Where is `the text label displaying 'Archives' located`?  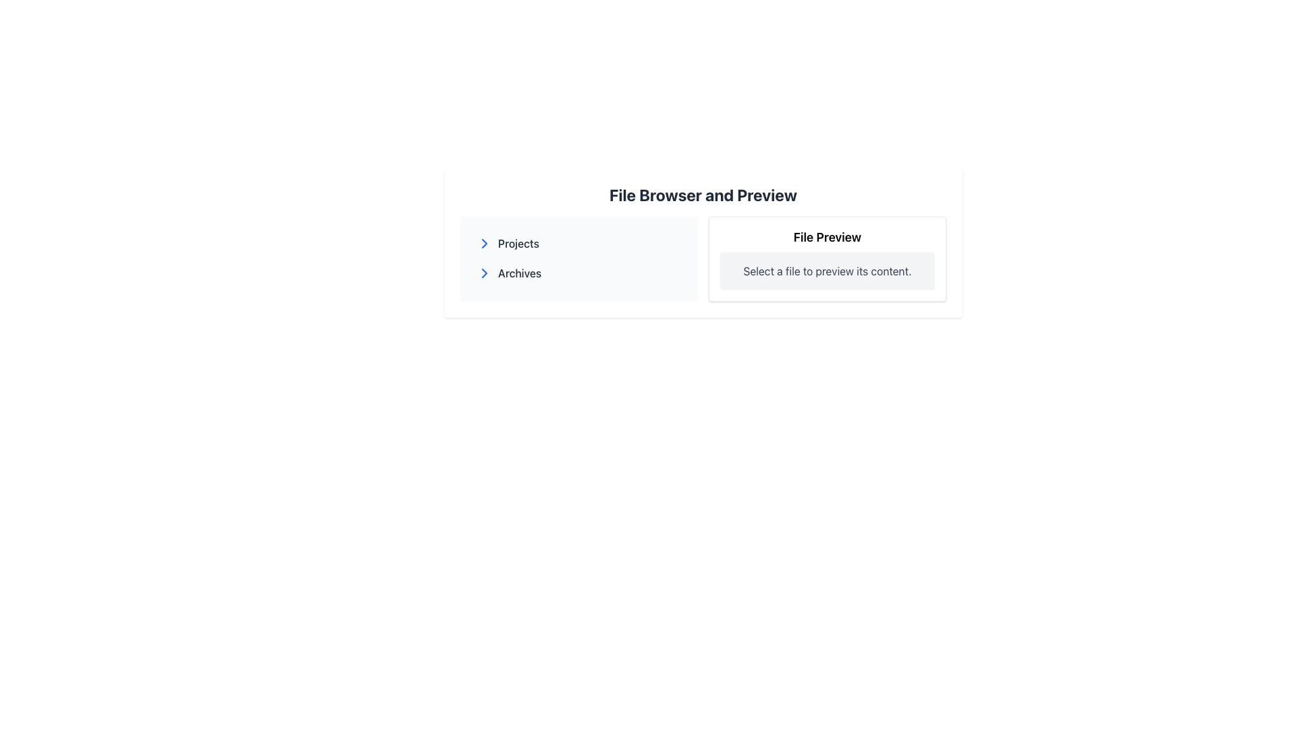 the text label displaying 'Archives' located is located at coordinates (519, 273).